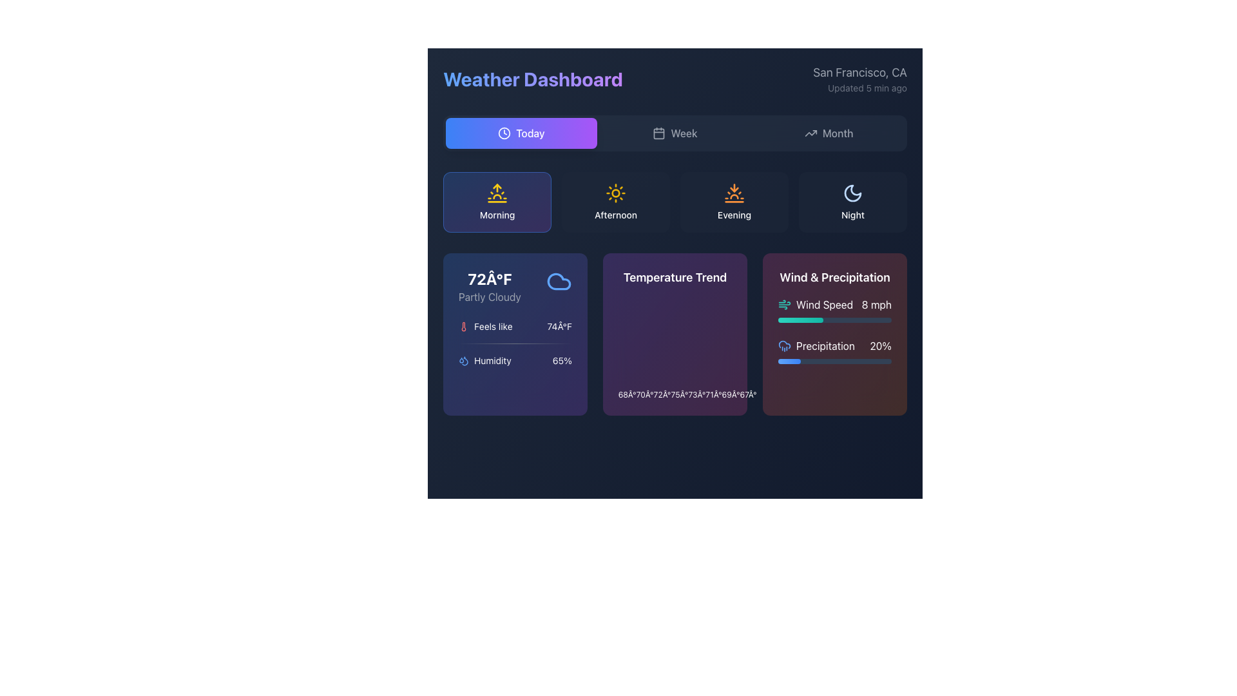  I want to click on the calendar icon located to the left of the 'Week' button in the navigation bar to interact with it, so click(659, 133).